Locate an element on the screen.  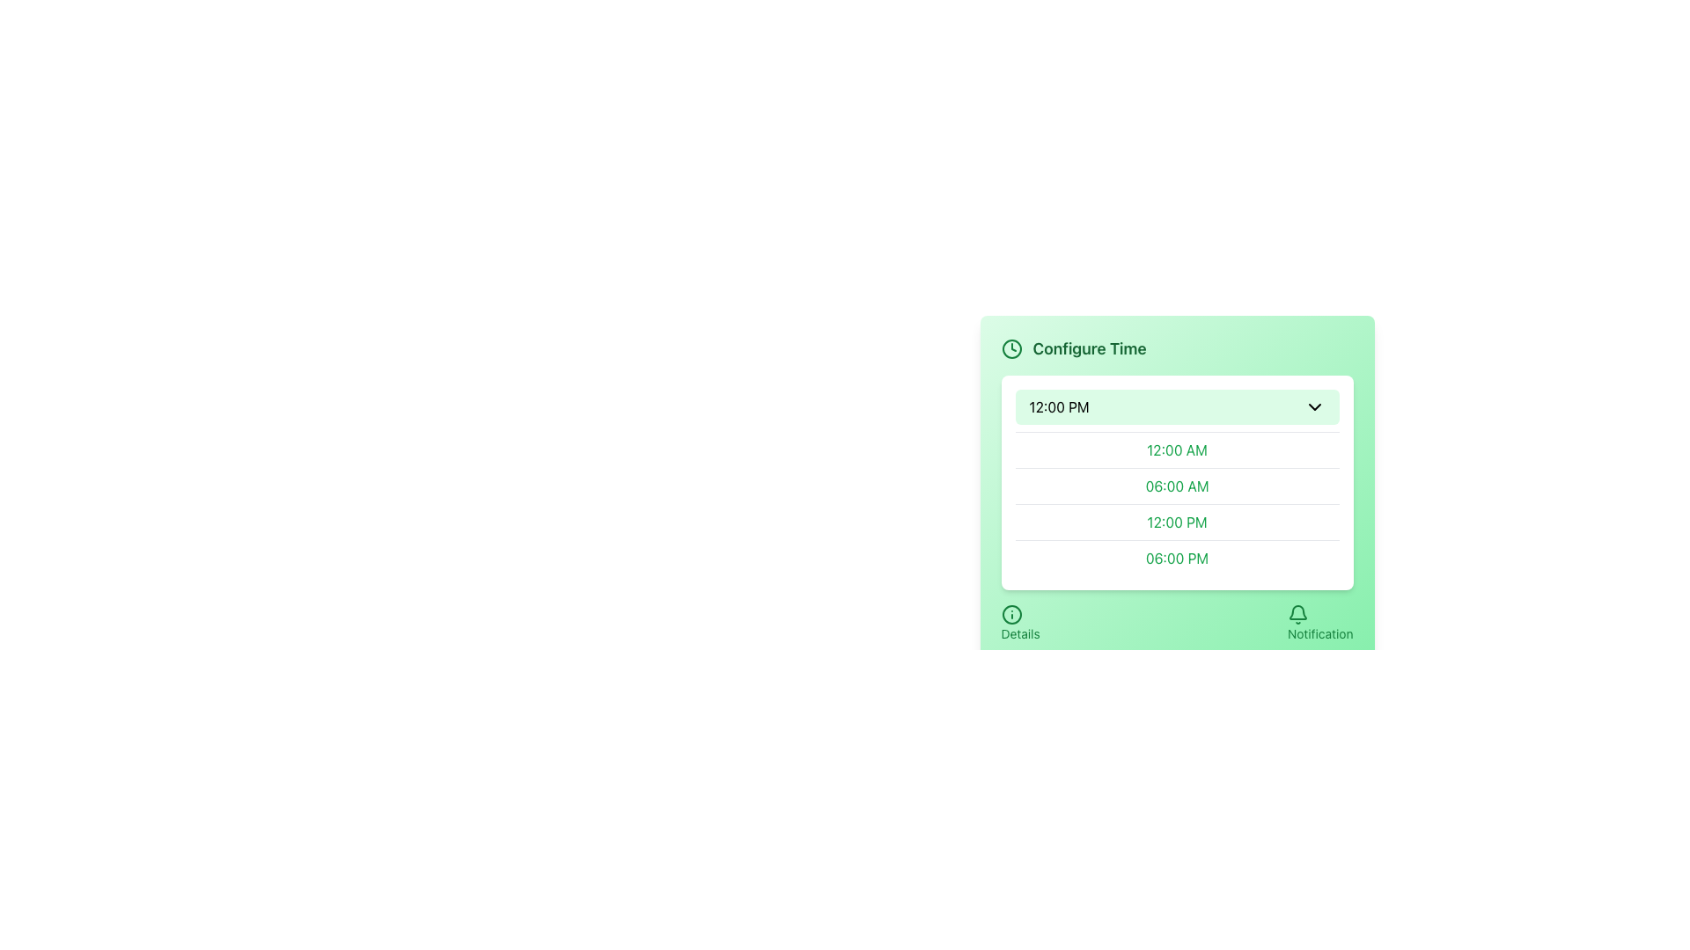
the text display element that shows the currently selected time is located at coordinates (1058, 406).